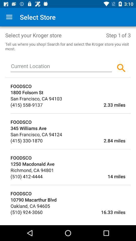 Image resolution: width=136 pixels, height=241 pixels. What do you see at coordinates (70, 164) in the screenshot?
I see `the 1250 macdonald ave icon` at bounding box center [70, 164].